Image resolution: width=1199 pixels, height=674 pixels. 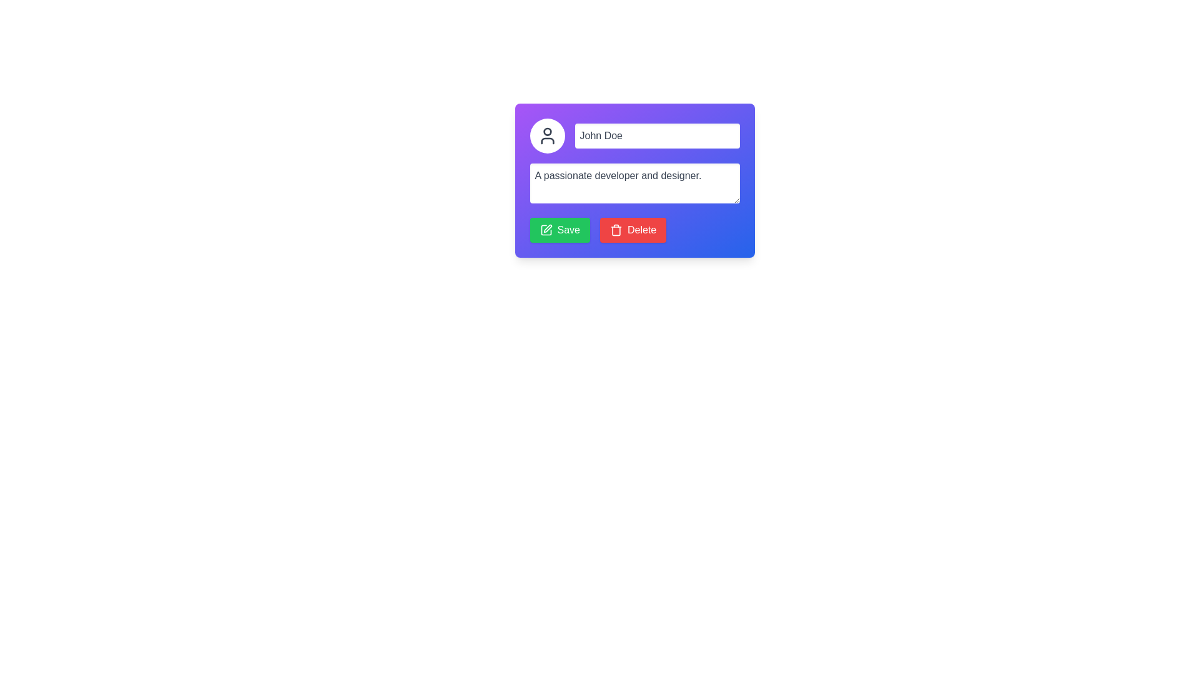 What do you see at coordinates (634, 180) in the screenshot?
I see `the text input box that allows users to view or edit a descriptive text about a developer and designer, which is centrally located within a card-like structure` at bounding box center [634, 180].